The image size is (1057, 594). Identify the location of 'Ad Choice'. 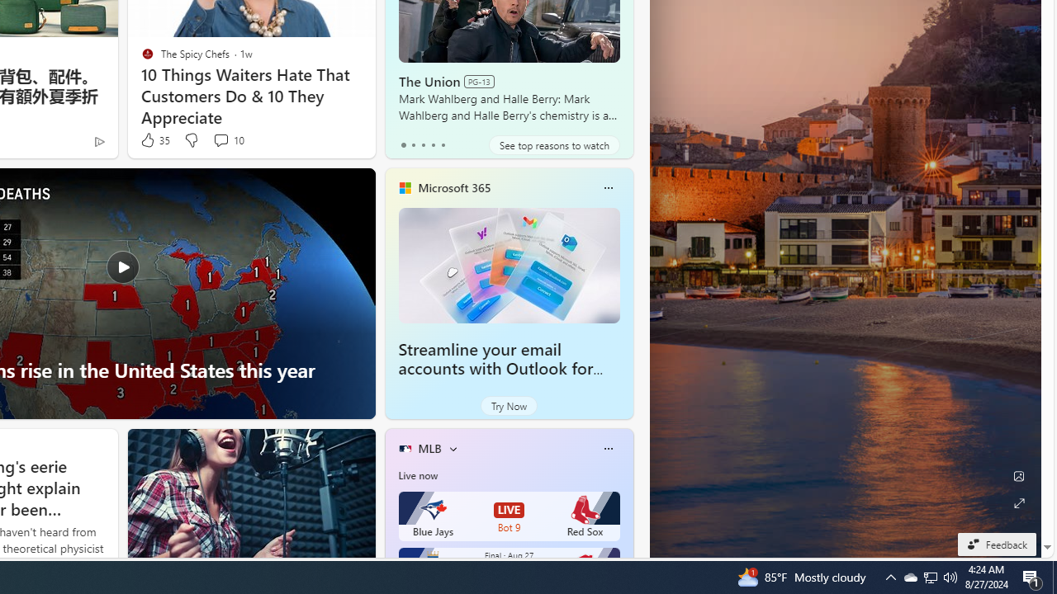
(98, 140).